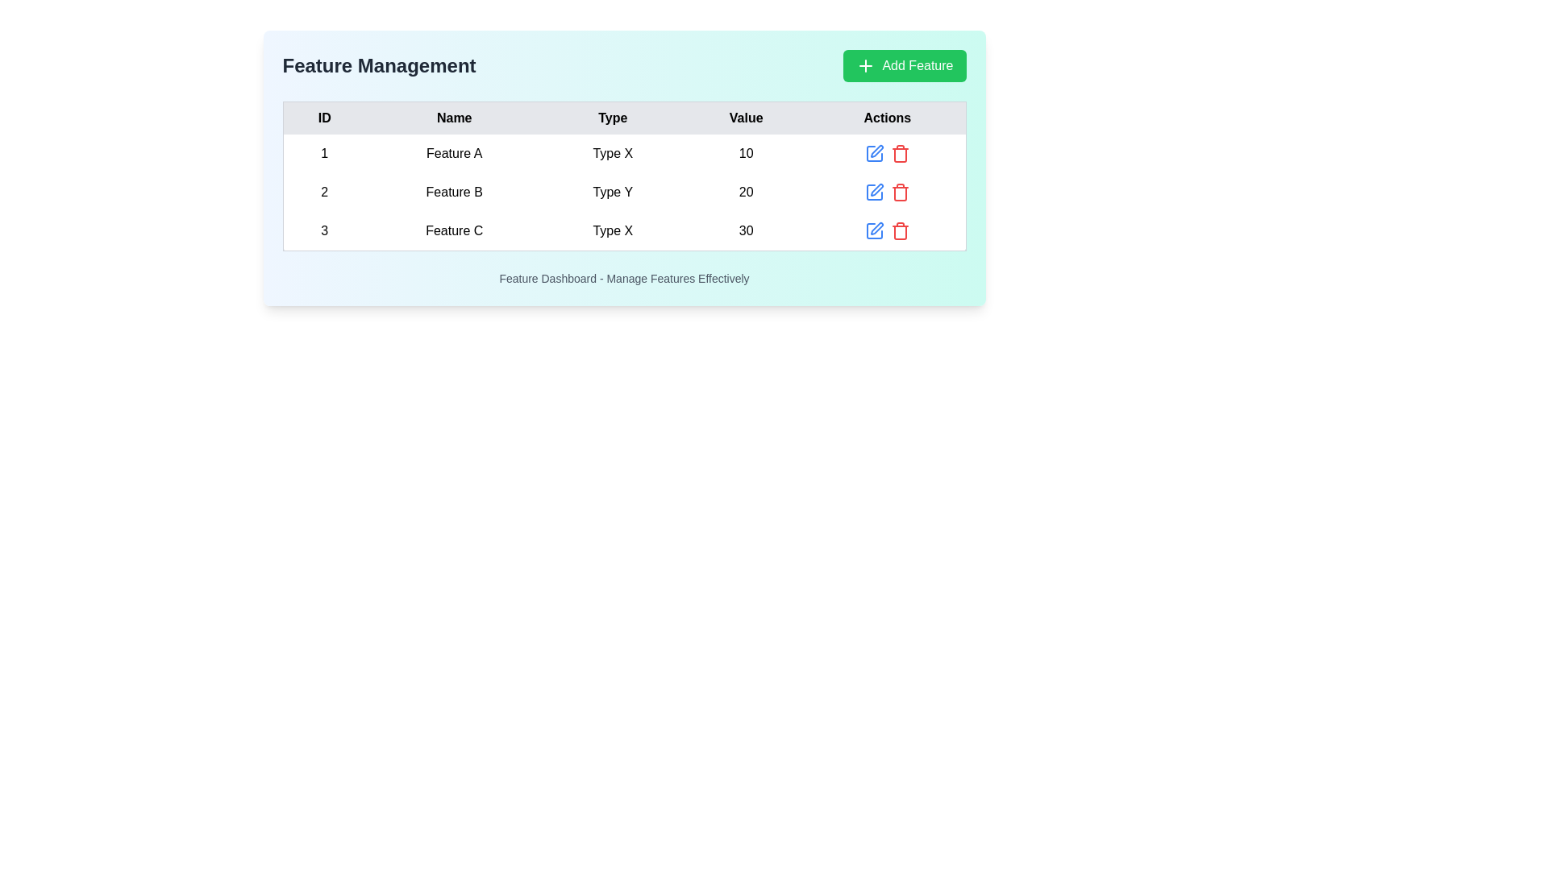 The image size is (1548, 870). Describe the element at coordinates (899, 155) in the screenshot. I see `the trash can icon in the 'Actions' column of the 'Feature Management' table` at that location.